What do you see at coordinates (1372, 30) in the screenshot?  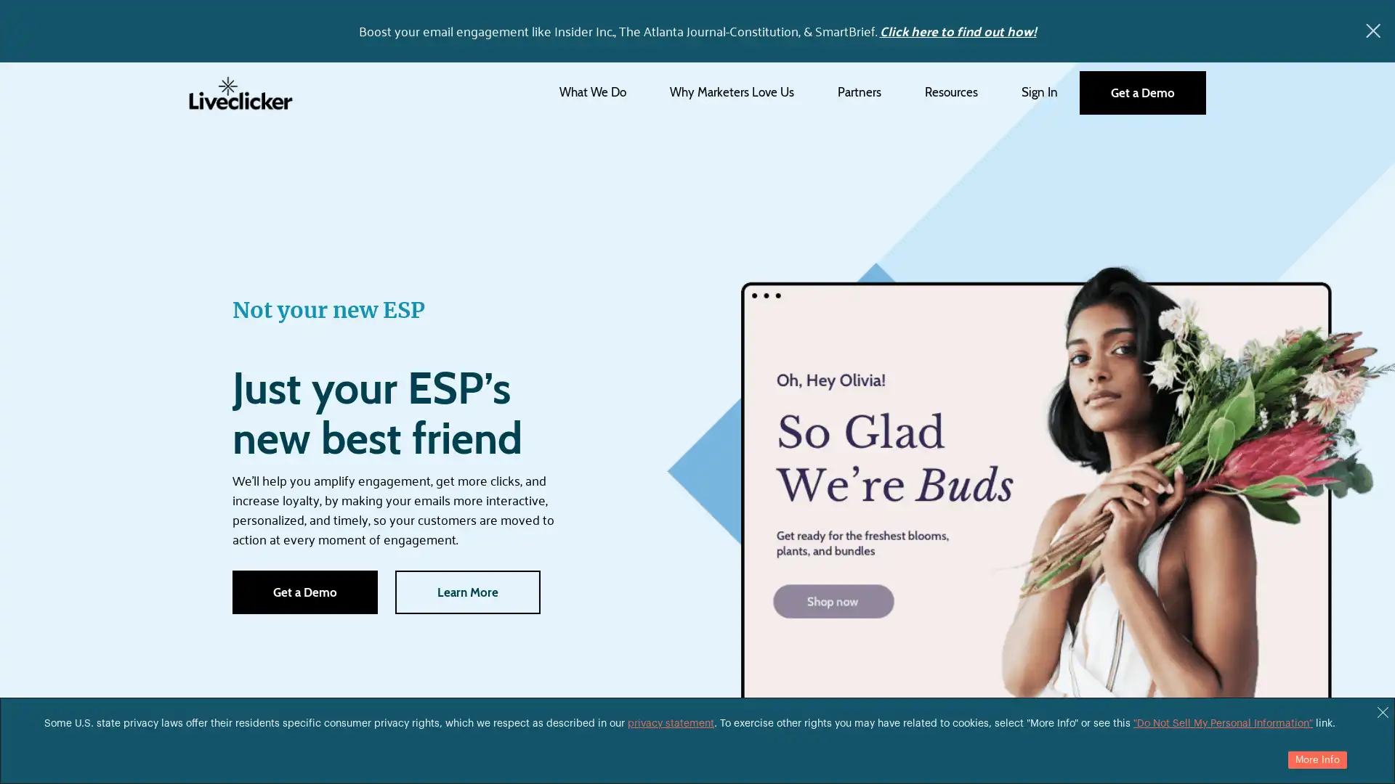 I see `x` at bounding box center [1372, 30].